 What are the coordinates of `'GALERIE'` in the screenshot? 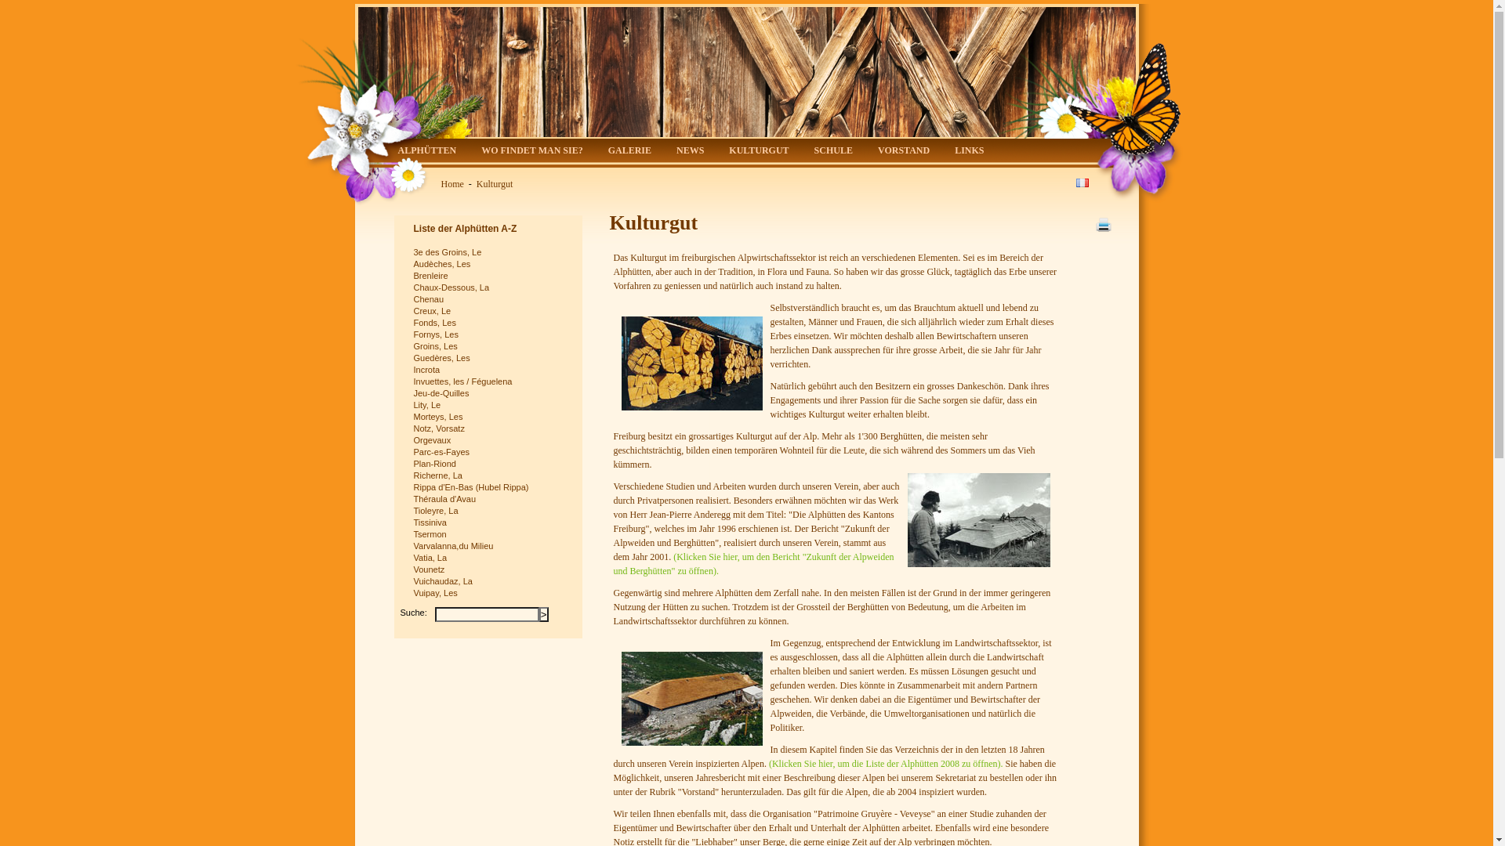 It's located at (629, 151).